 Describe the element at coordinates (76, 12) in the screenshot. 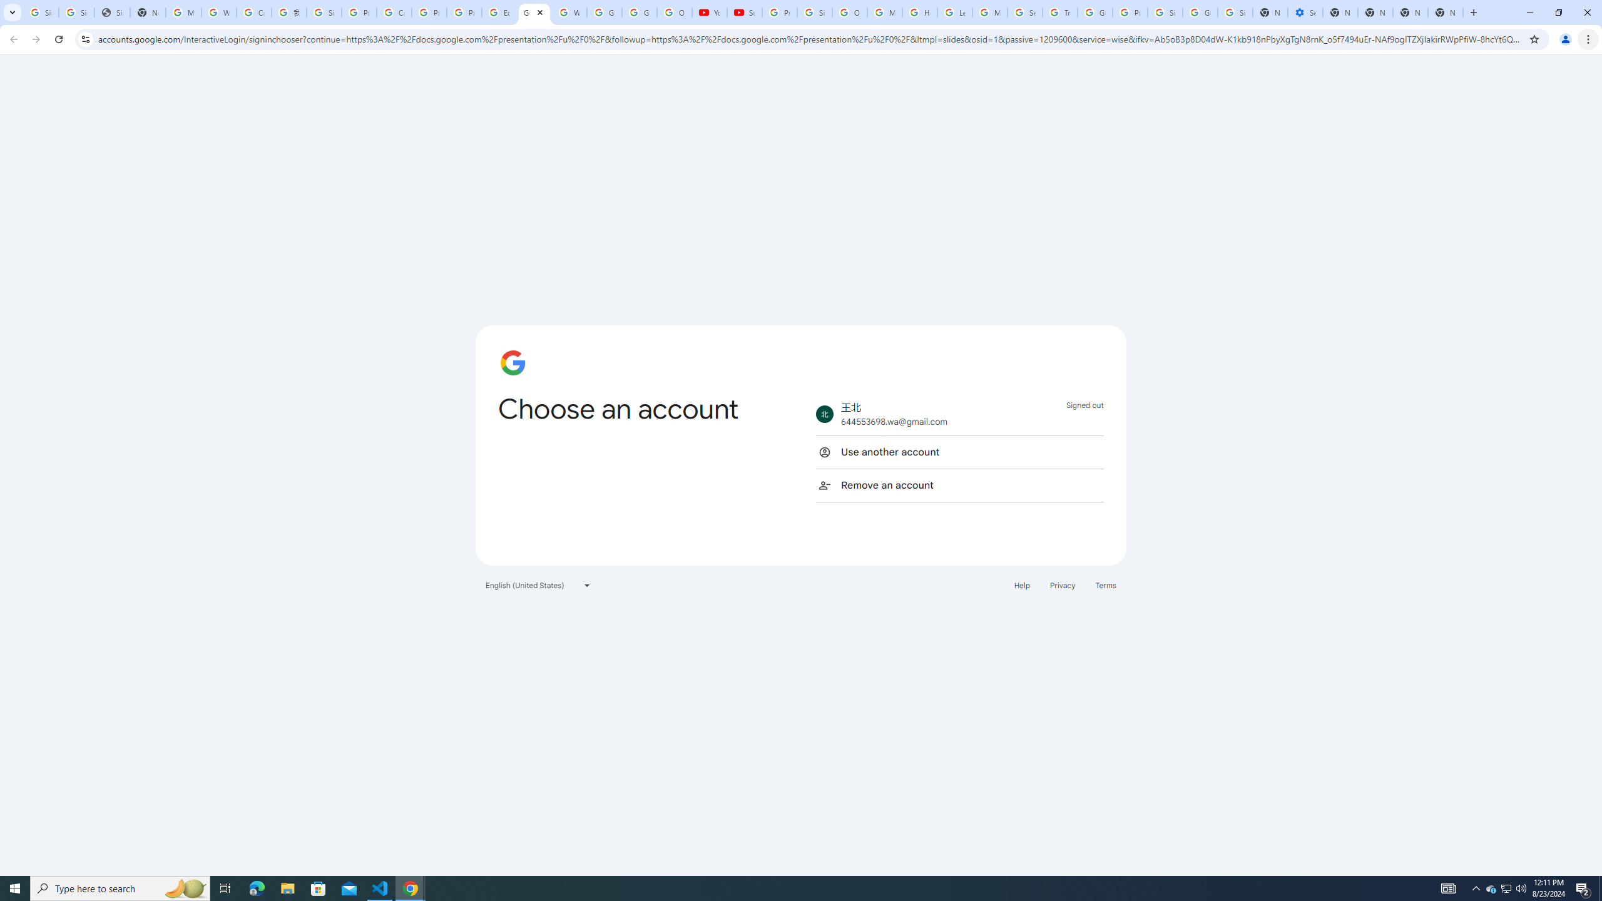

I see `'Sign in - Google Accounts'` at that location.